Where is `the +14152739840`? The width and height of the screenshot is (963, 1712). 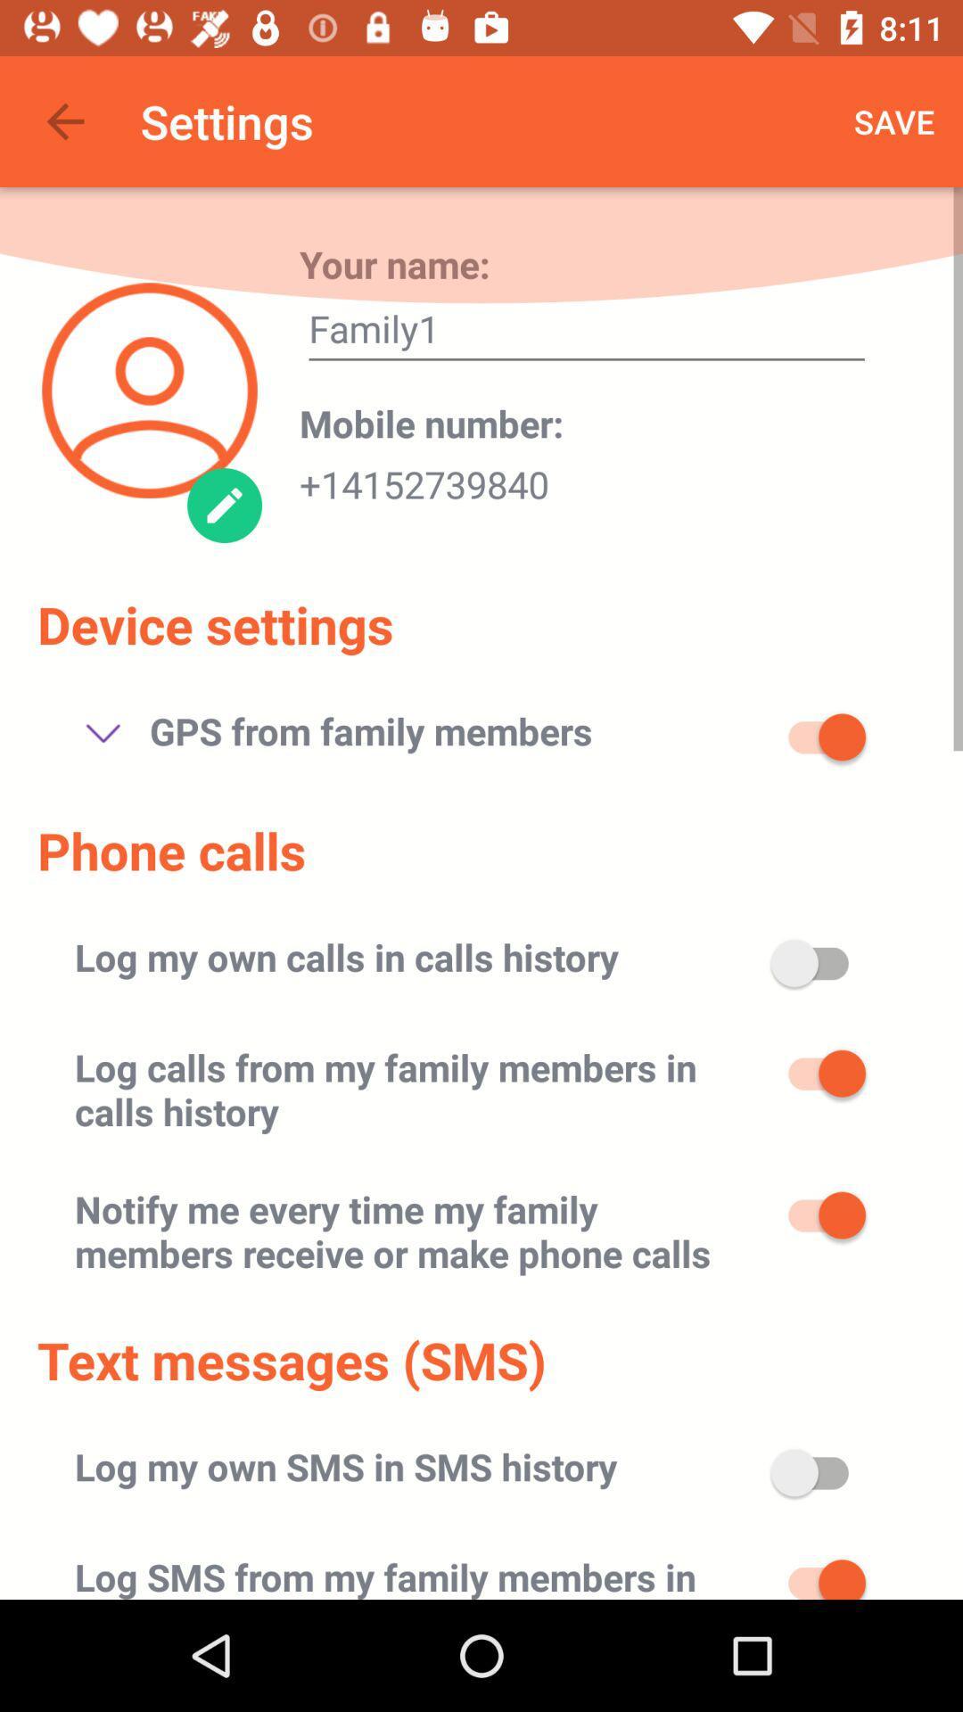
the +14152739840 is located at coordinates (424, 479).